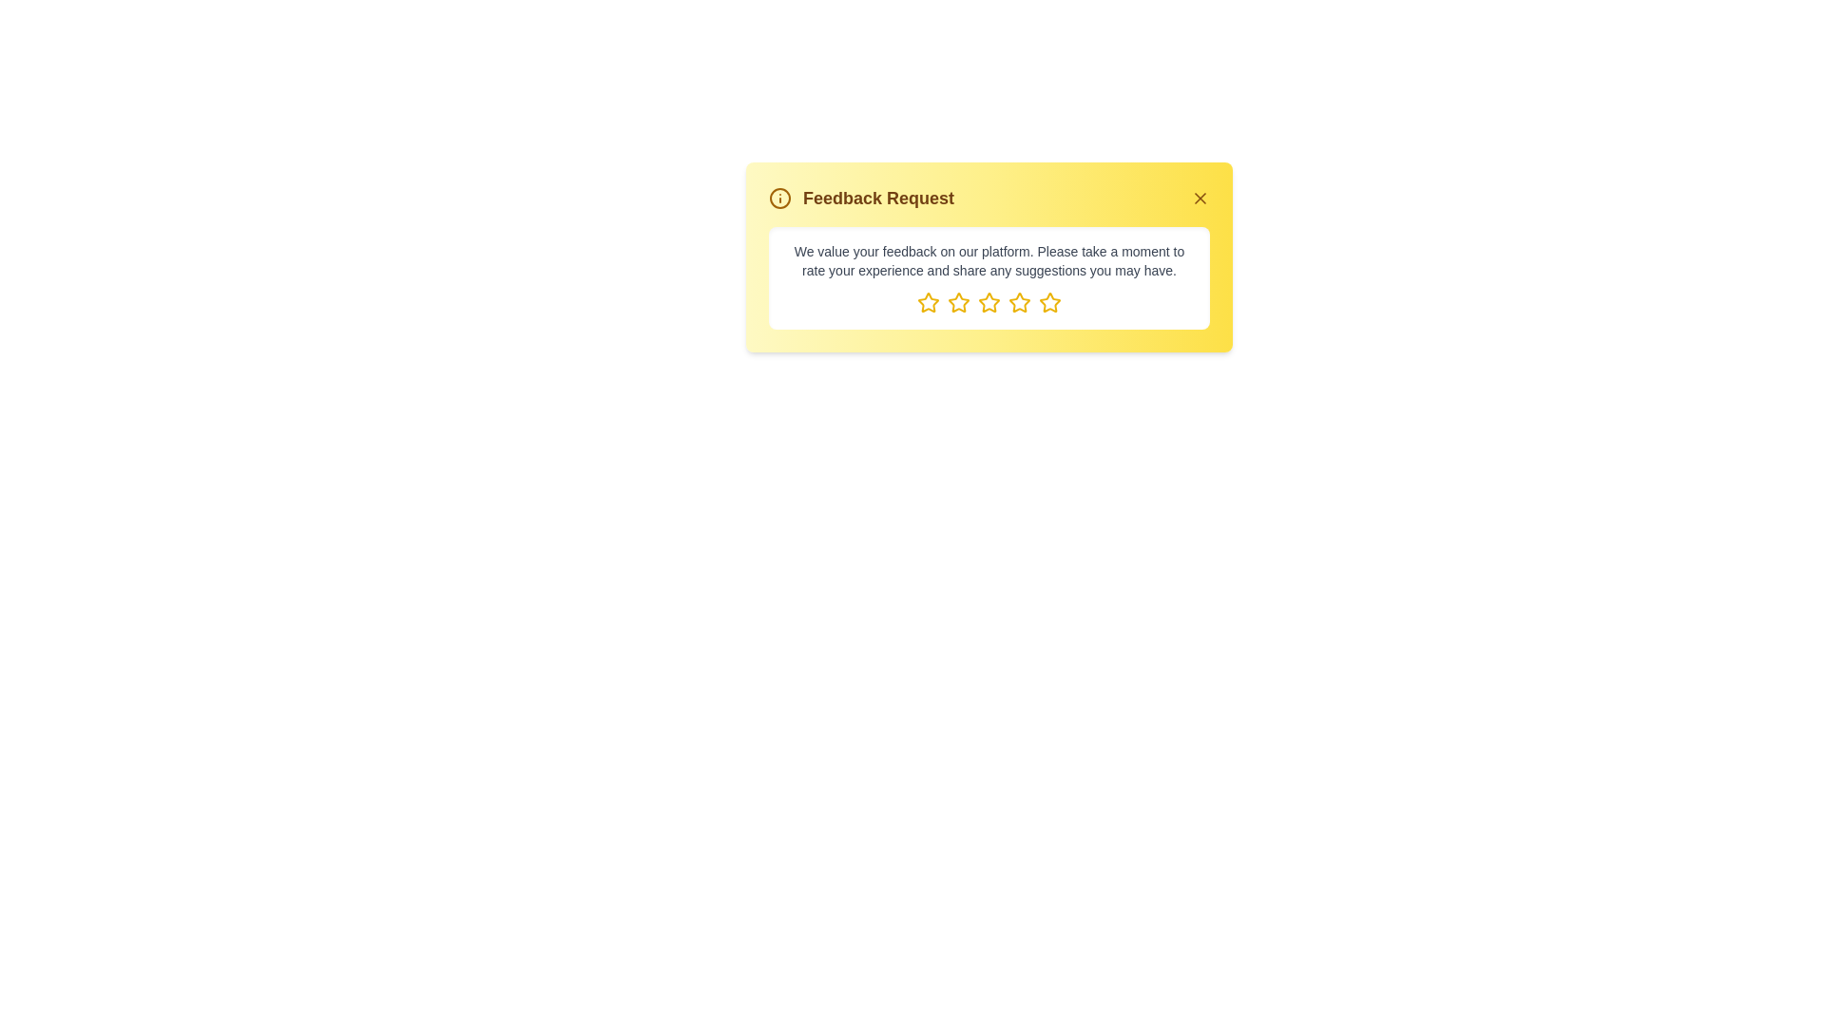  I want to click on the element star_5 to observe its hover effect, so click(1048, 302).